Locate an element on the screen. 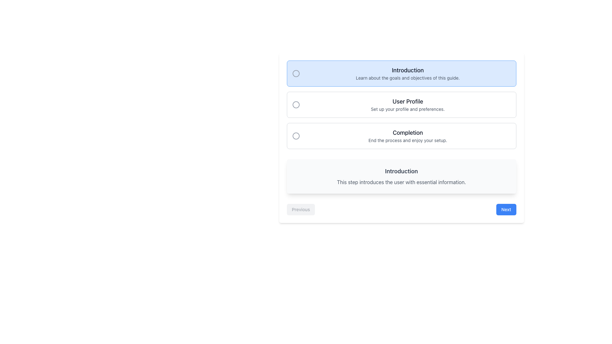 This screenshot has height=344, width=612. the rectangular blue button with rounded corners labeled 'Next' to proceed to the next step is located at coordinates (506, 210).